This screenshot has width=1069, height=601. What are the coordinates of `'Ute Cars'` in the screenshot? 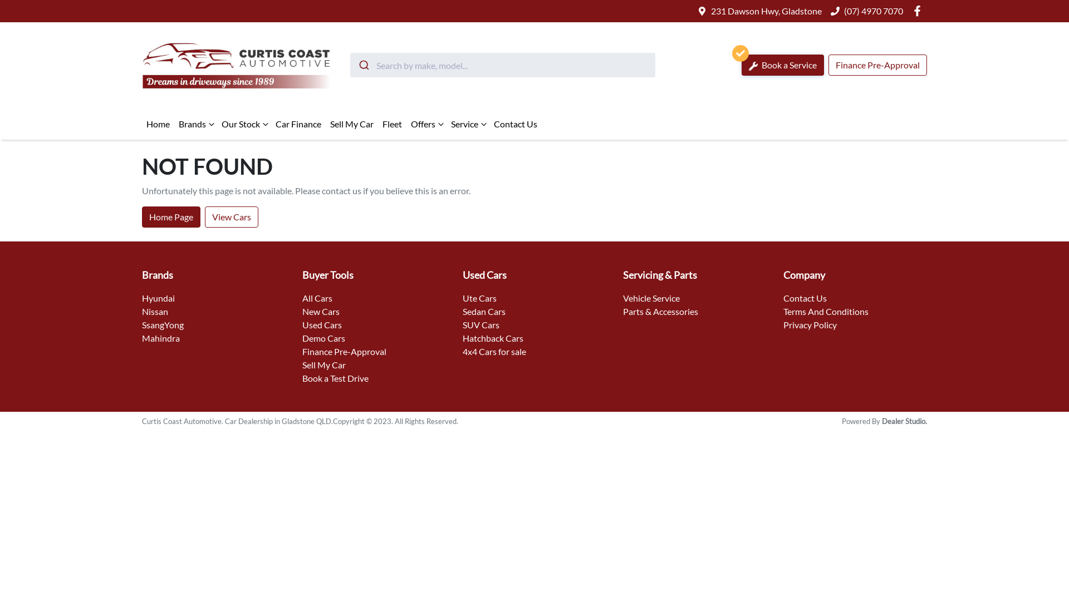 It's located at (479, 297).